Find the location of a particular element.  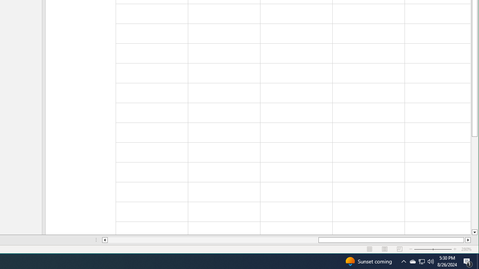

'Show desktop' is located at coordinates (478, 261).